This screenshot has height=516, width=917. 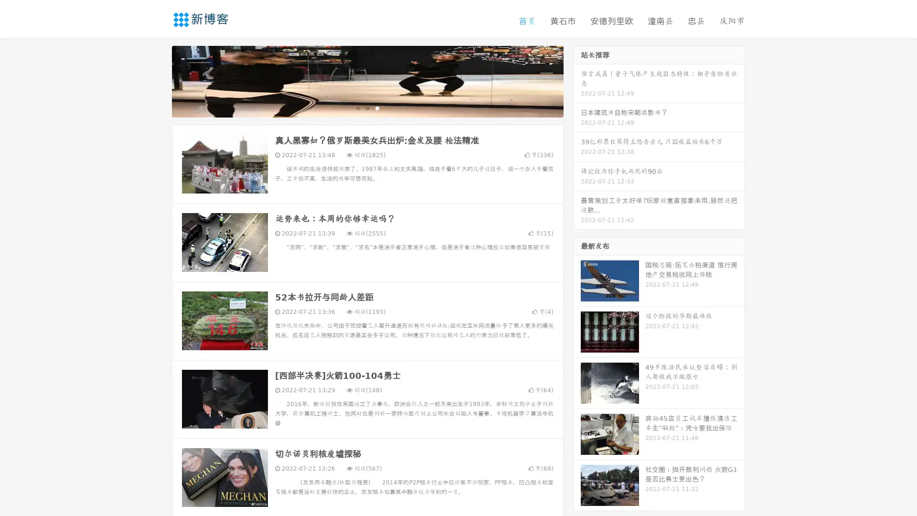 I want to click on Go to slide 3, so click(x=377, y=107).